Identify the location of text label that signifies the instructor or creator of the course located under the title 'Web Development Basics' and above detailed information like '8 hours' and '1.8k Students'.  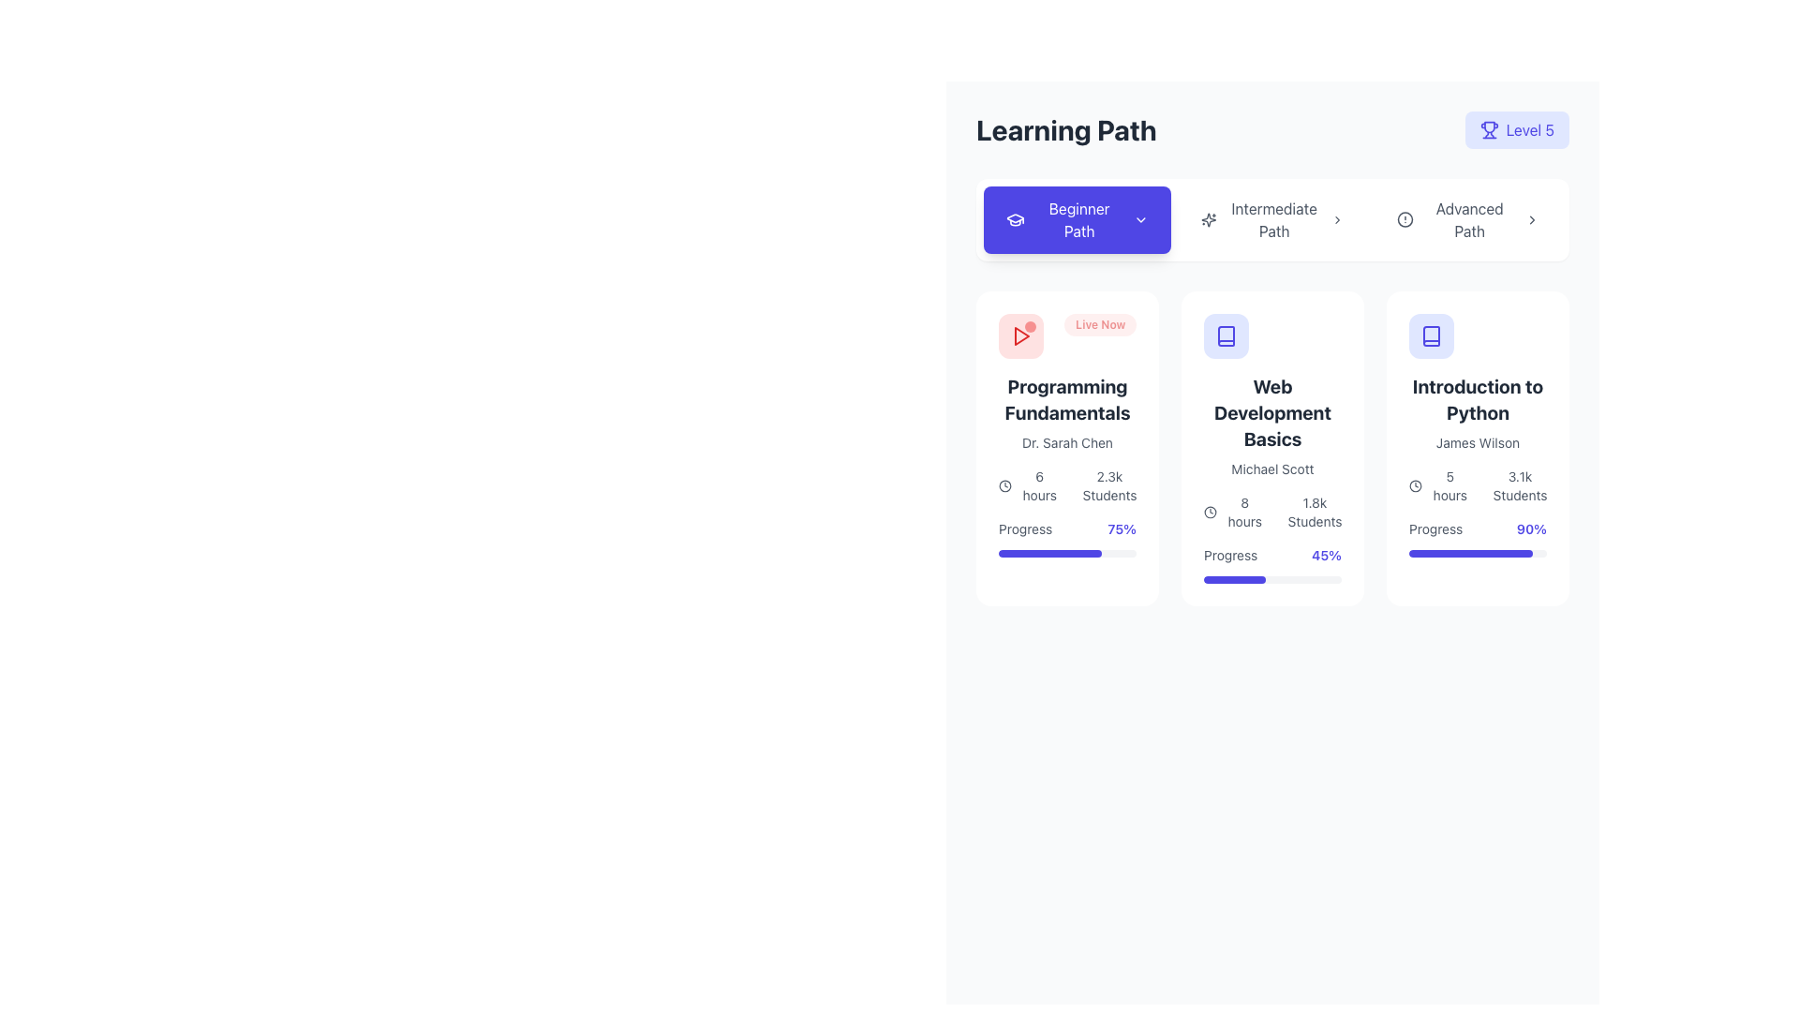
(1272, 469).